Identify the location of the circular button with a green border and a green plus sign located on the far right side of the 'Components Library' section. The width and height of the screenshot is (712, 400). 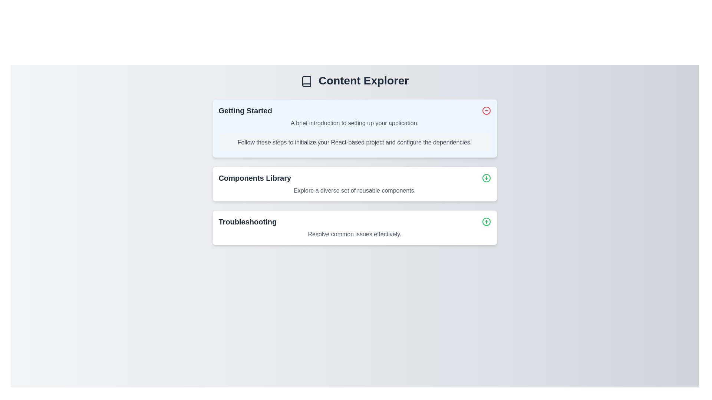
(486, 178).